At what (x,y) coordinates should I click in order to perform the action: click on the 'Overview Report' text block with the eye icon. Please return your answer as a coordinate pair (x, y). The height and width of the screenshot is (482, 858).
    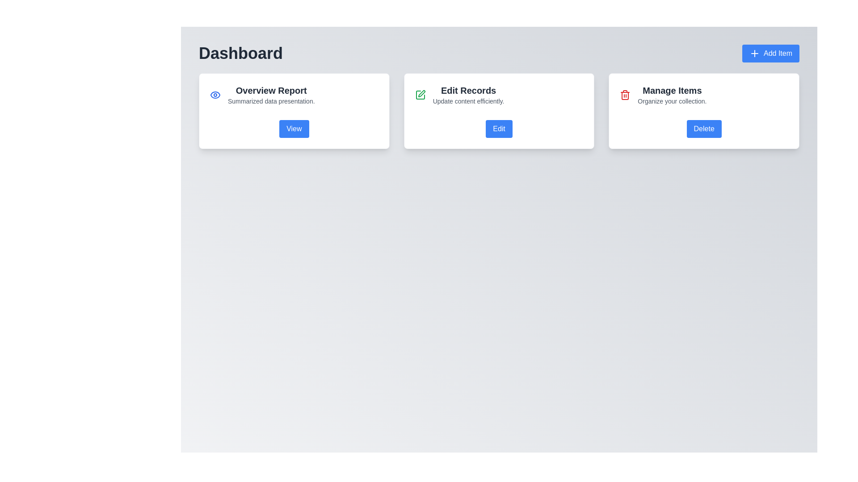
    Looking at the image, I should click on (294, 95).